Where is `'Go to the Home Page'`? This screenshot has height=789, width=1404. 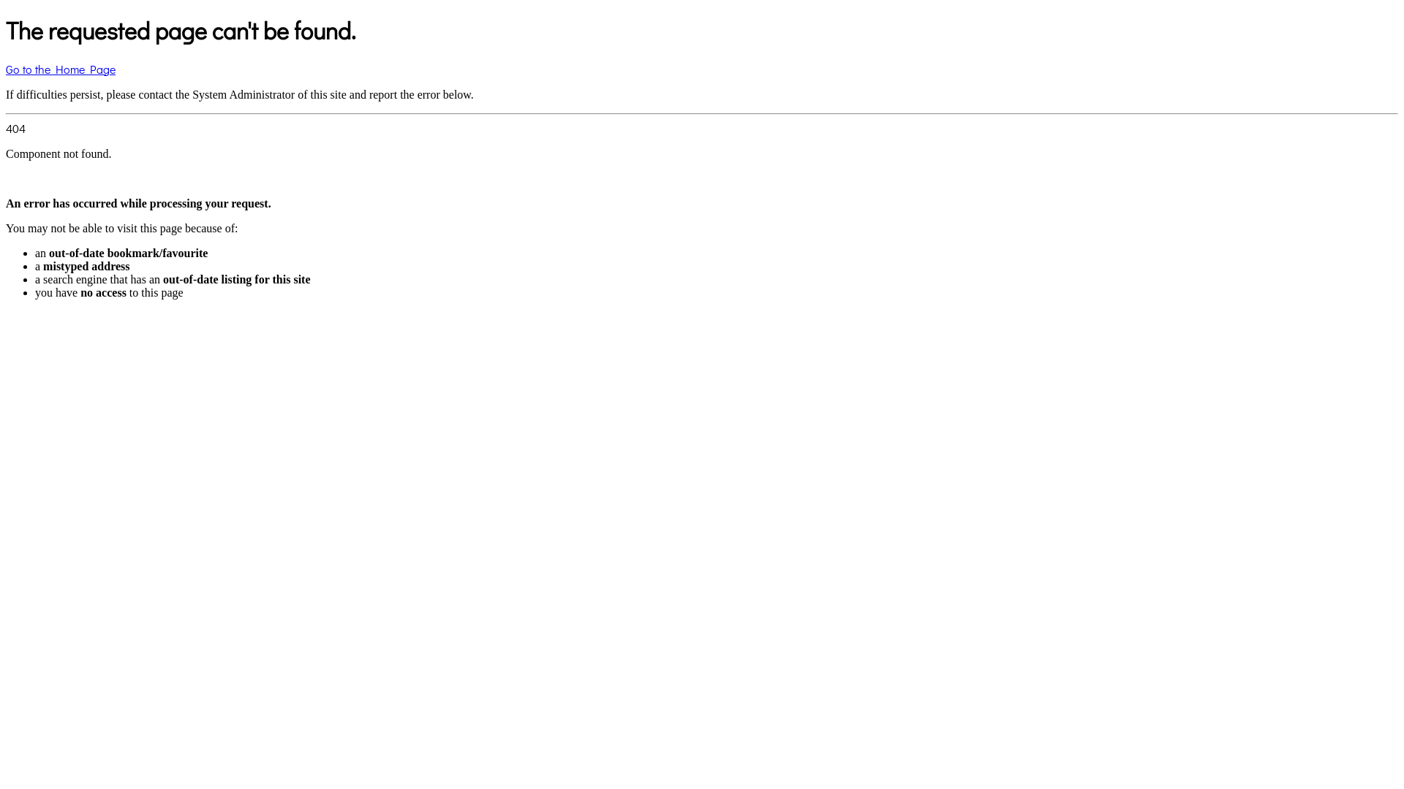
'Go to the Home Page' is located at coordinates (59, 69).